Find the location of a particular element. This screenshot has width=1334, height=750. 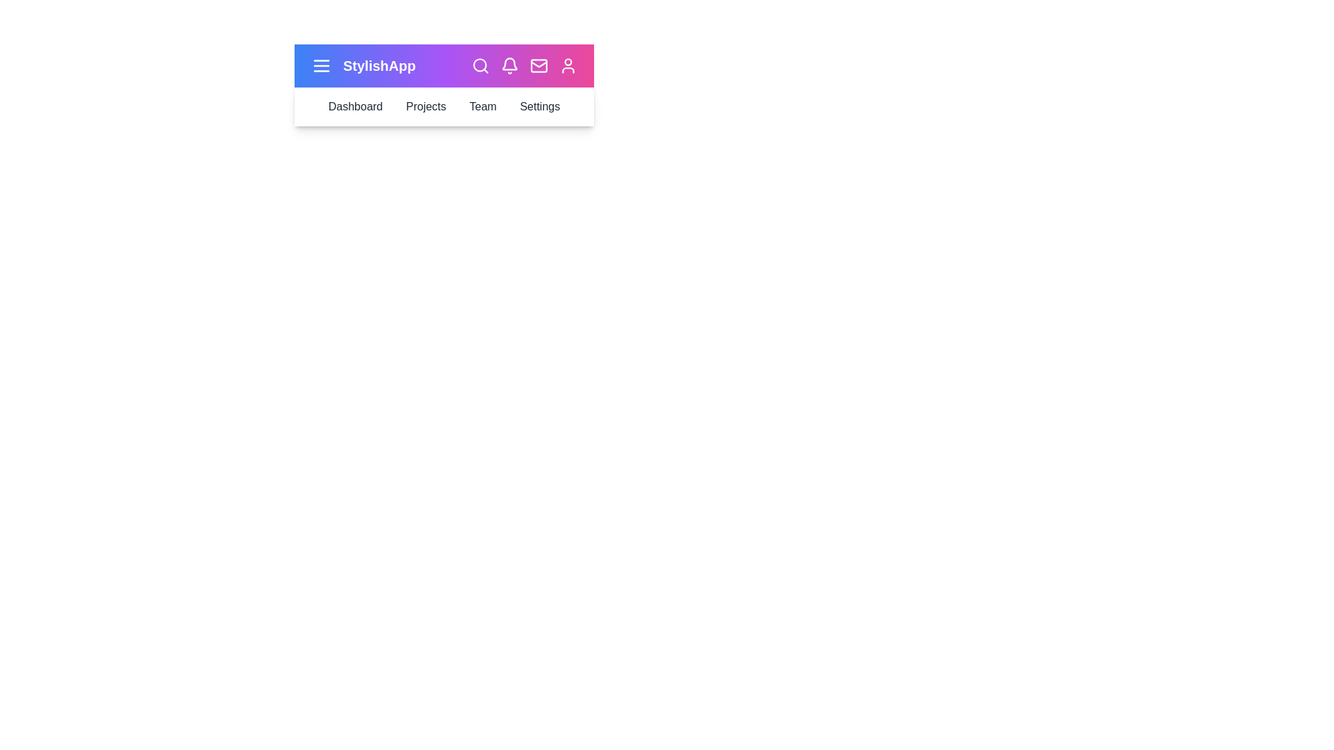

the 'Dashboard' button to navigate to the 'Dashboard' section is located at coordinates (355, 106).